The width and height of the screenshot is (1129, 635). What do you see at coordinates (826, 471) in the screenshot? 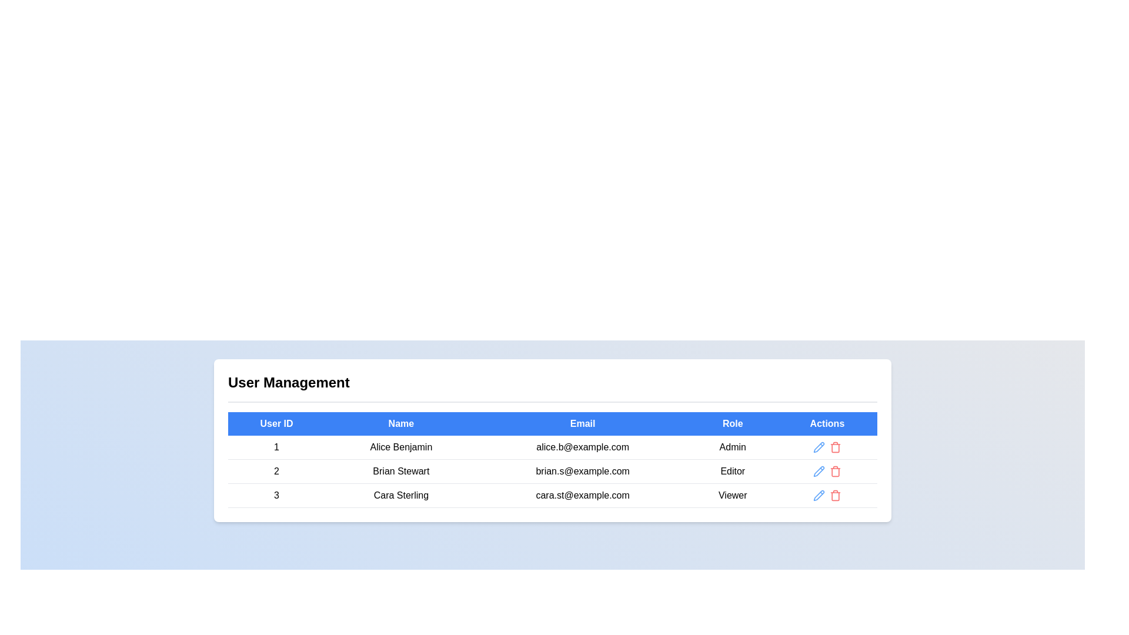
I see `the red trash can icon in the Button cluster for the user 'Brian Stewart'` at bounding box center [826, 471].